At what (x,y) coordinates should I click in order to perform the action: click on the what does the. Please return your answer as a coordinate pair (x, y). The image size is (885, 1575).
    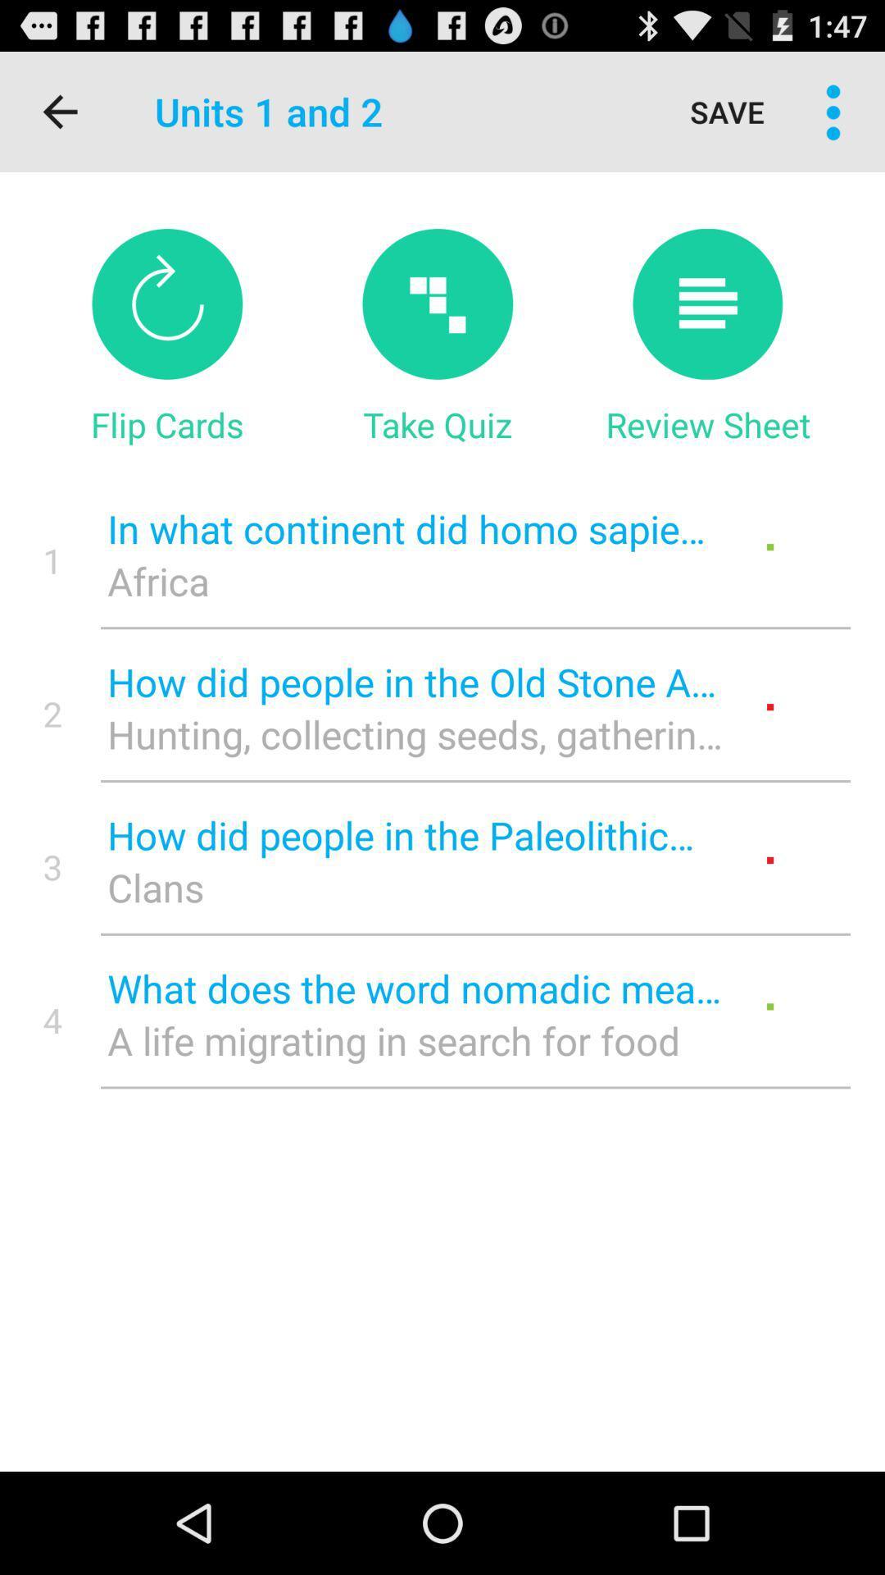
    Looking at the image, I should click on (414, 987).